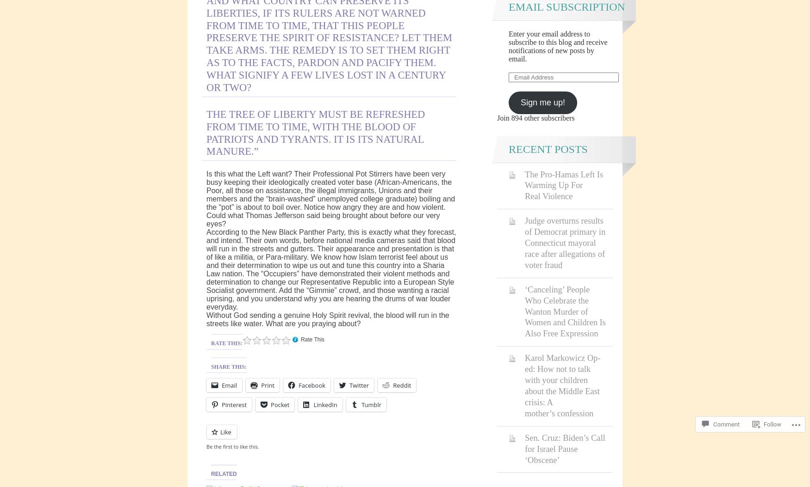 This screenshot has height=487, width=810. What do you see at coordinates (763, 424) in the screenshot?
I see `'Follow'` at bounding box center [763, 424].